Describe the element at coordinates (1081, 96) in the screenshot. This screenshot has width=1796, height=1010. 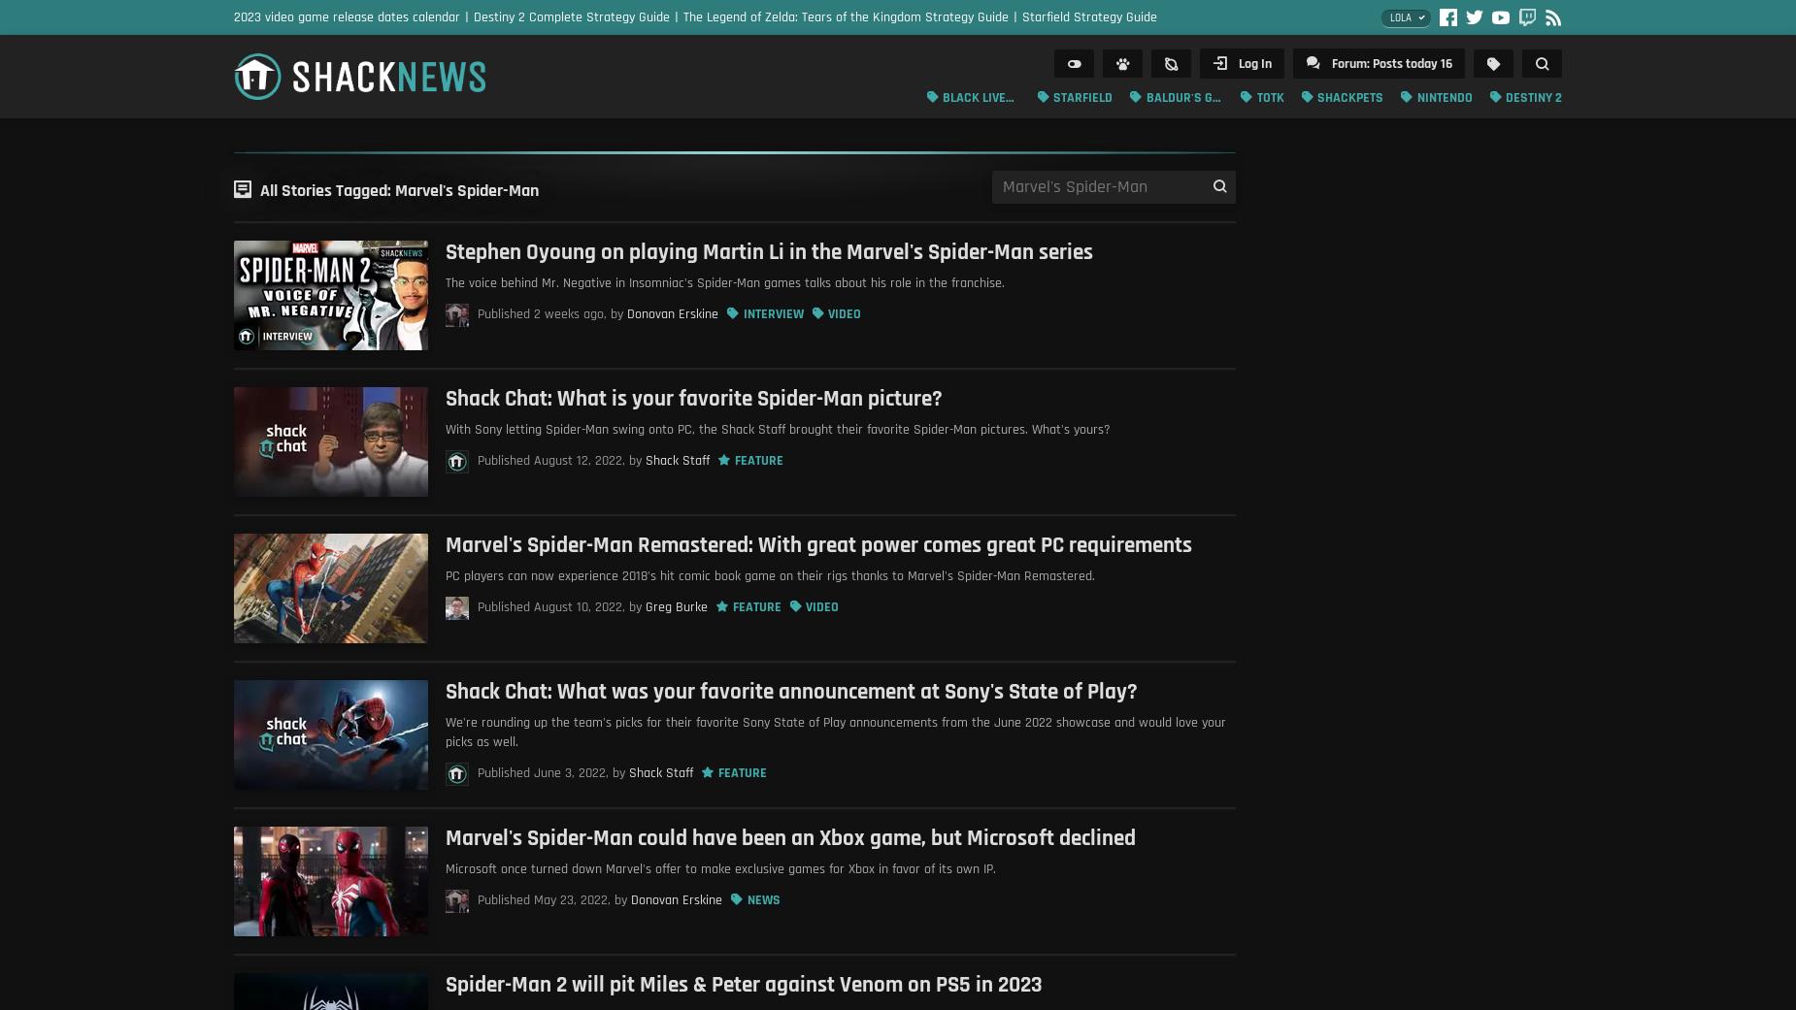
I see `'Starfield'` at that location.